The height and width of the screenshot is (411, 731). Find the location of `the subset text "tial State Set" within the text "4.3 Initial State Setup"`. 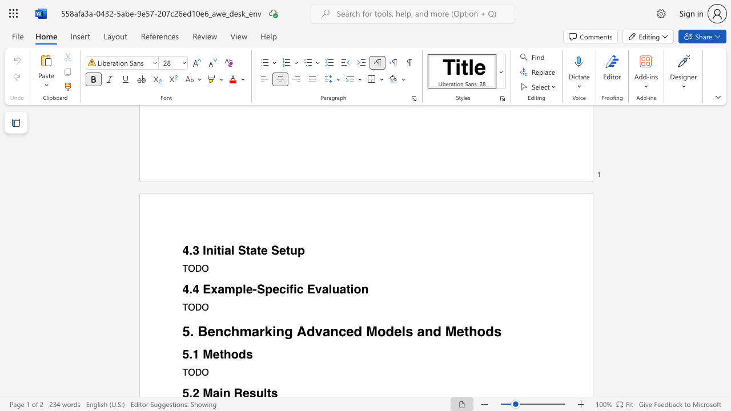

the subset text "tial State Set" within the text "4.3 Initial State Setup" is located at coordinates (216, 250).